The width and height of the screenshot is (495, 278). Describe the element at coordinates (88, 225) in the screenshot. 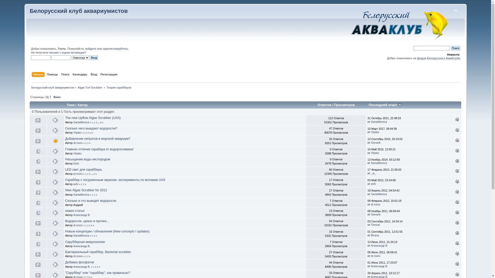

I see `'2'` at that location.